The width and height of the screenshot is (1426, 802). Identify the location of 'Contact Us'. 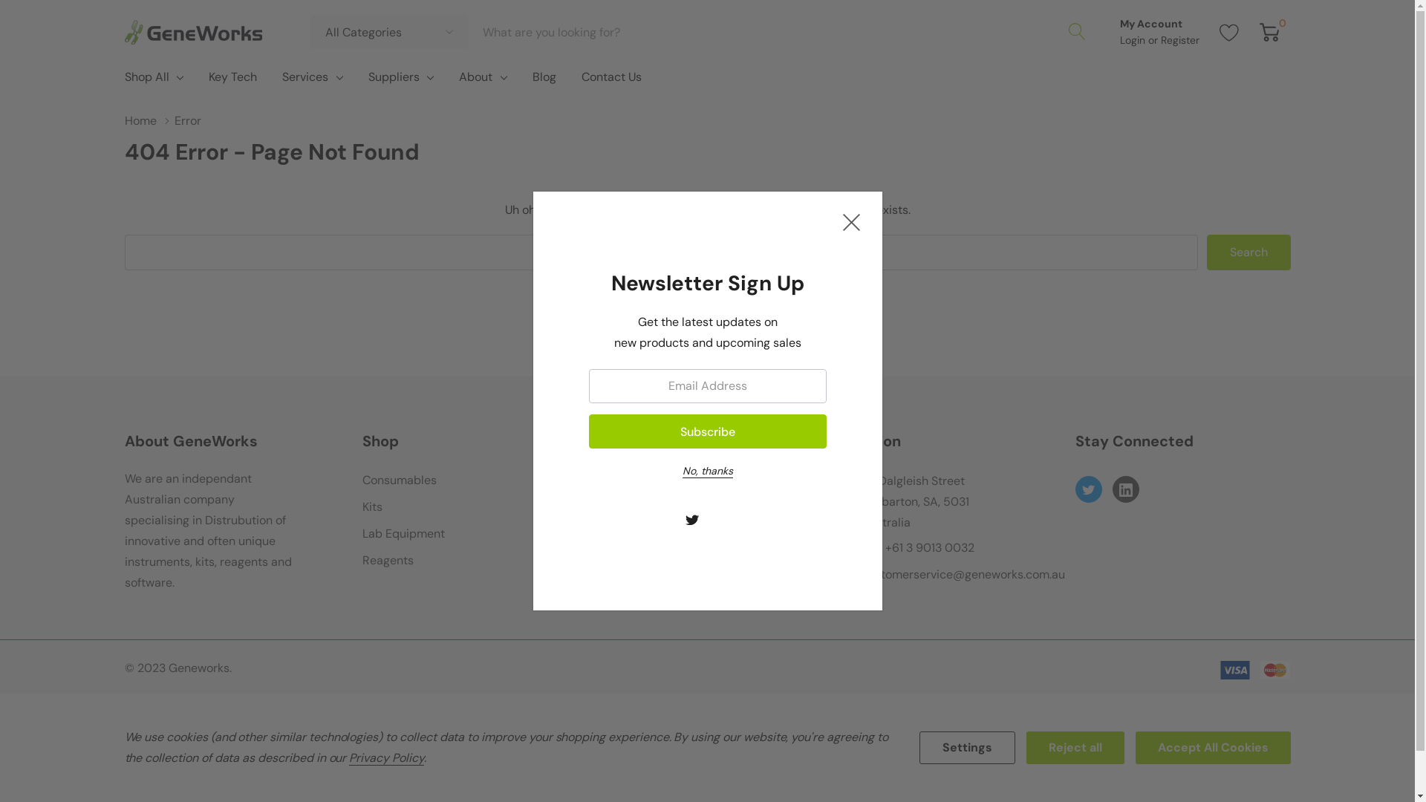
(611, 80).